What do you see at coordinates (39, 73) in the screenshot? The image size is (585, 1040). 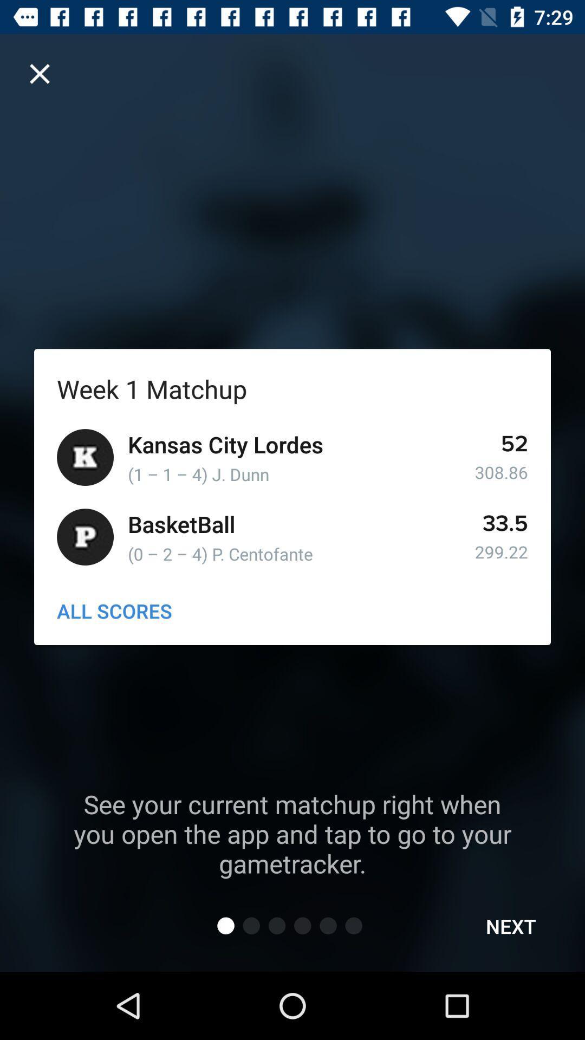 I see `cancel option` at bounding box center [39, 73].